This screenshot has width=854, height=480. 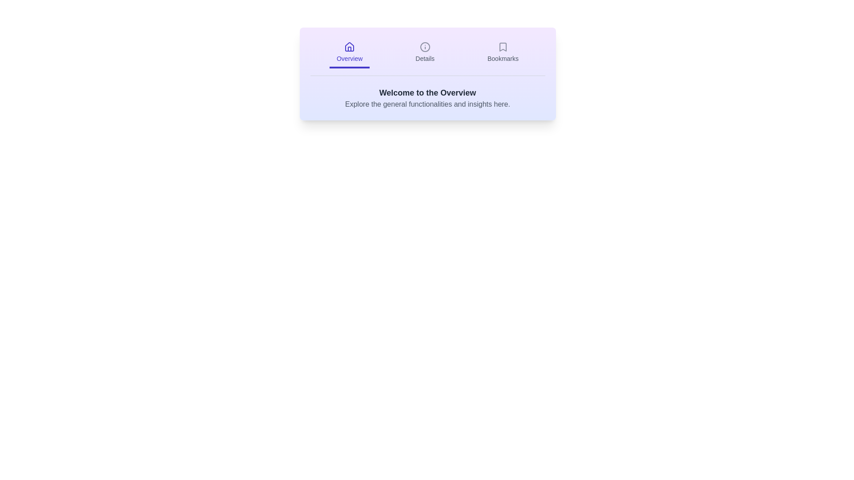 What do you see at coordinates (503, 47) in the screenshot?
I see `the bookmark icon located in the 'Bookmarks' section, which is the third item from the left in the top row, above the 'Bookmarks' text and to the right of the 'Details' section` at bounding box center [503, 47].